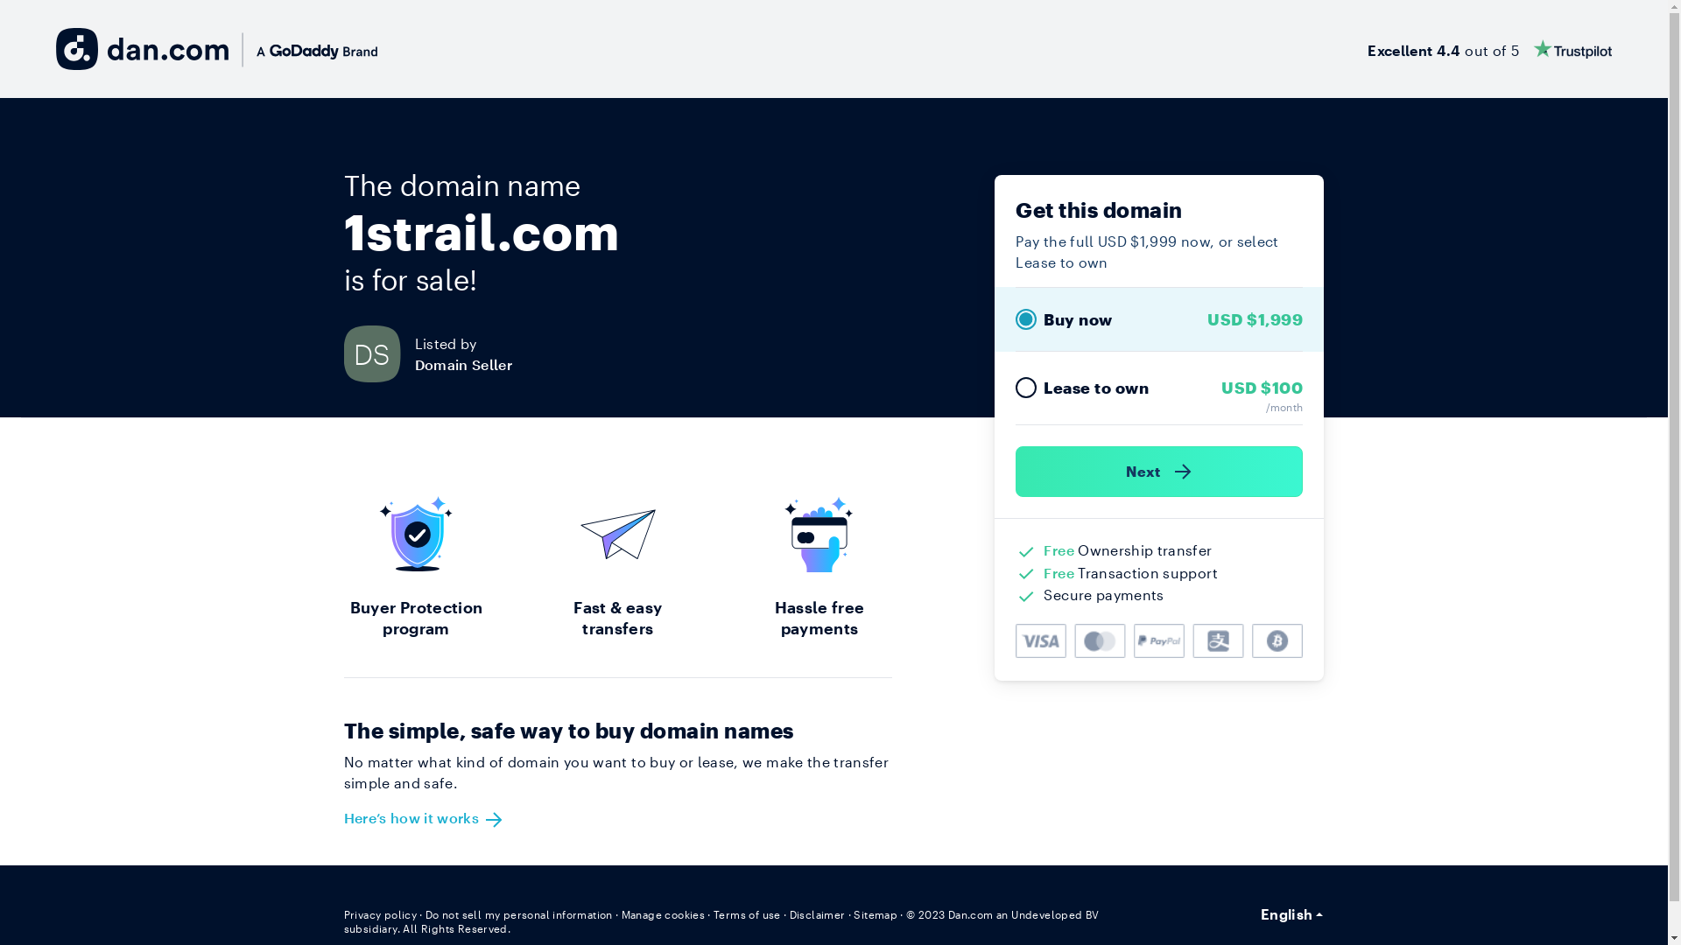 The image size is (1681, 945). What do you see at coordinates (343, 913) in the screenshot?
I see `'Privacy policy'` at bounding box center [343, 913].